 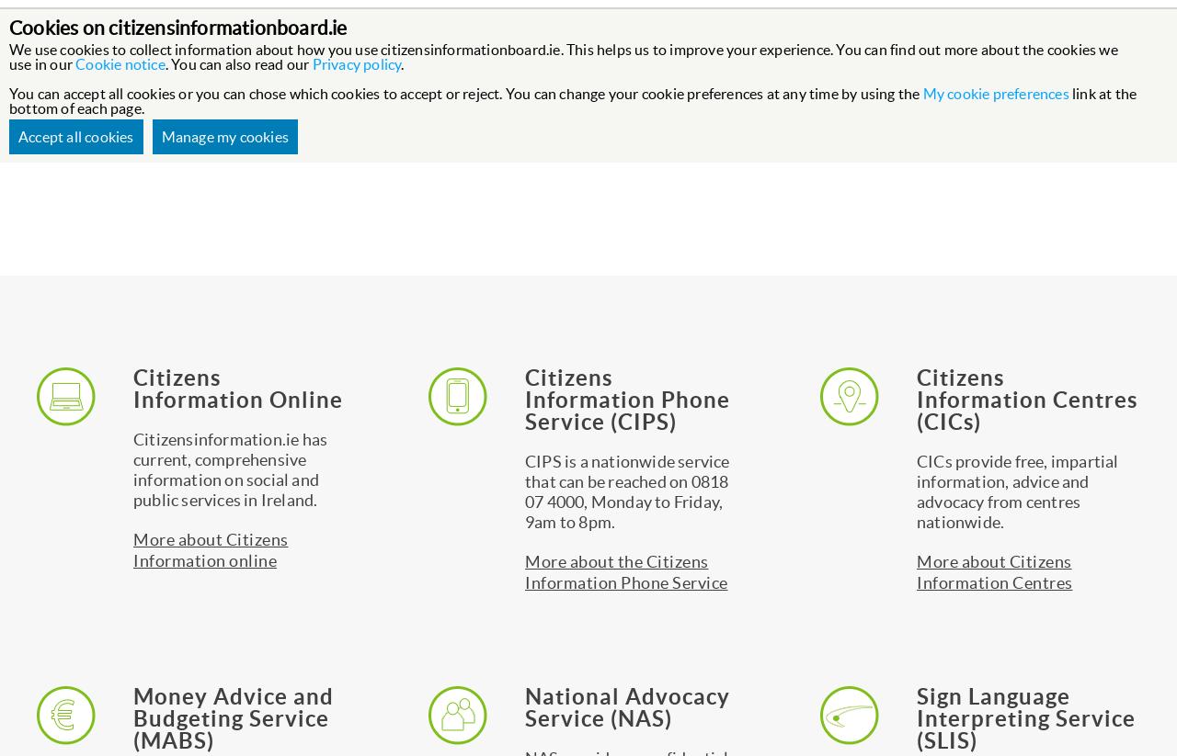 What do you see at coordinates (236, 64) in the screenshot?
I see `'. You can also read our'` at bounding box center [236, 64].